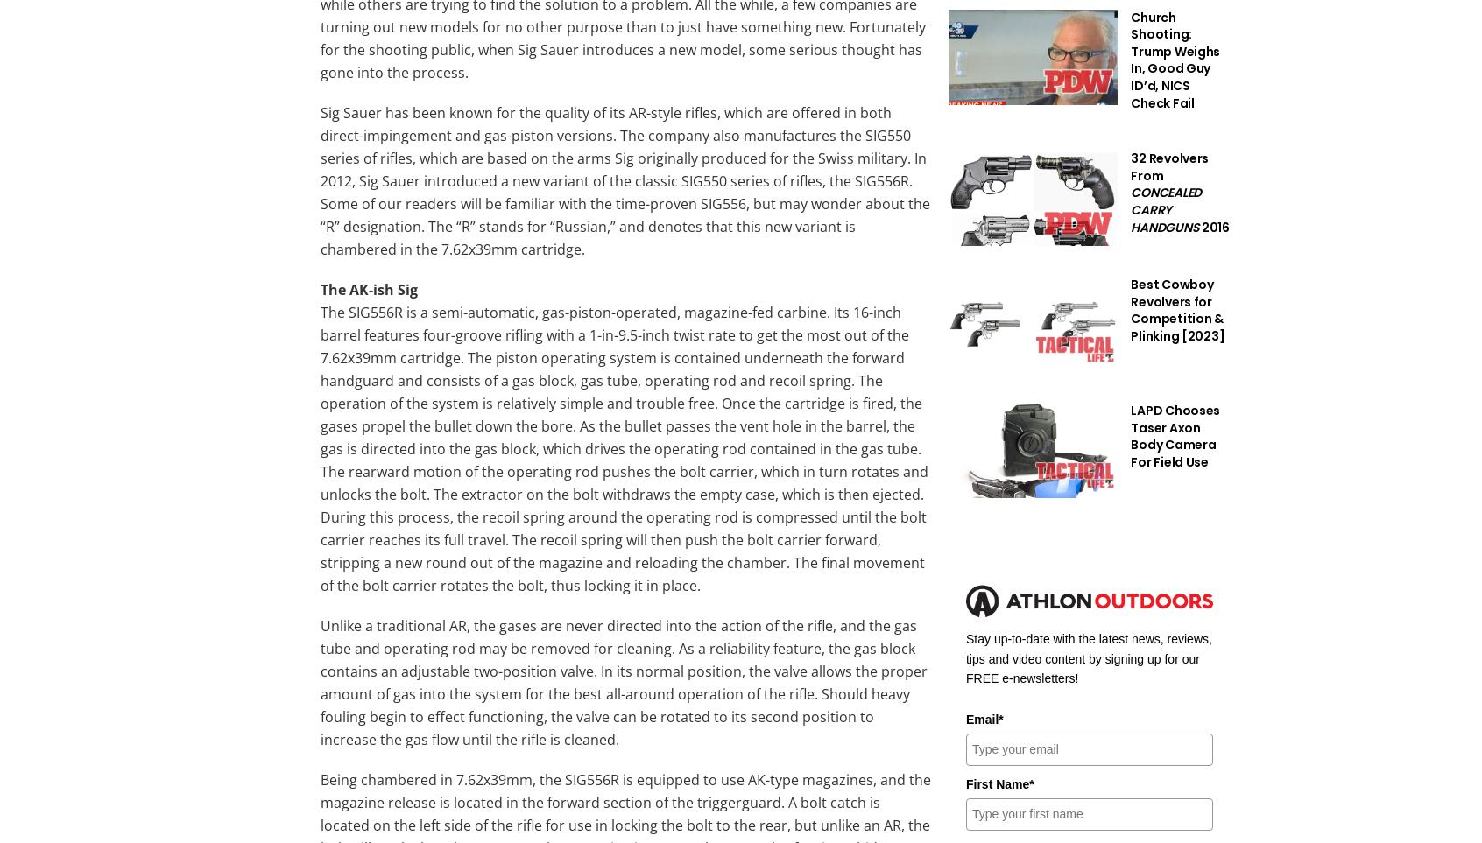 The width and height of the screenshot is (1482, 843). Describe the element at coordinates (320, 448) in the screenshot. I see `'The SIG556R is a semi-automatic, gas-piston-operated, magazine-fed carbine. Its 16-inch barrel features four-groove rifling with a 1-in-9.5-inch twist rate to get the most out of the 7.62x39mm cartridge. The piston operating system is contained underneath the forward handguard and consists of a gas block, gas tube, operating rod and recoil spring. The operation of the system is relatively simple and trouble free. Once the cartridge is fired, the gases propel the bullet down the bore. As the bullet passes the vent hole in the barrel, the gas is directed into the gas block, which drives the operating rod contained in the gas tube. The rearward motion of the operating rod pushes the bolt carrier, which in turn rotates and unlocks the bolt. The extractor on the bolt withdraws the empty case, which is then ejected. During this process, the recoil spring around the operating rod is compressed until the bolt carrier reaches its full travel. The recoil spring will then push the bolt carrier forward, stripping a new round out of the magazine and reloading the chamber. The final movement of the bolt carrier rotates the bolt, thus locking it in place.'` at that location.